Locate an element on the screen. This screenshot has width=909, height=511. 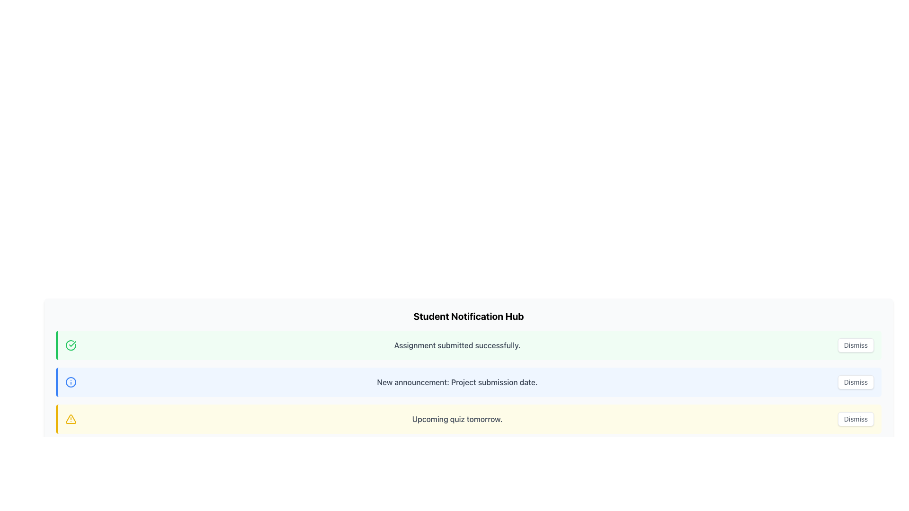
the 'Dismiss' button to interact via keyboard is located at coordinates (856, 345).